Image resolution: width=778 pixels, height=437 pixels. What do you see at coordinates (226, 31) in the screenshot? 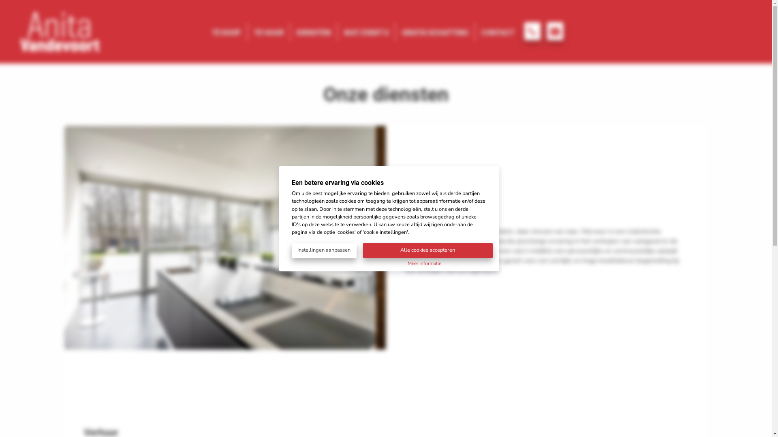
I see `'TE KOOP'` at bounding box center [226, 31].